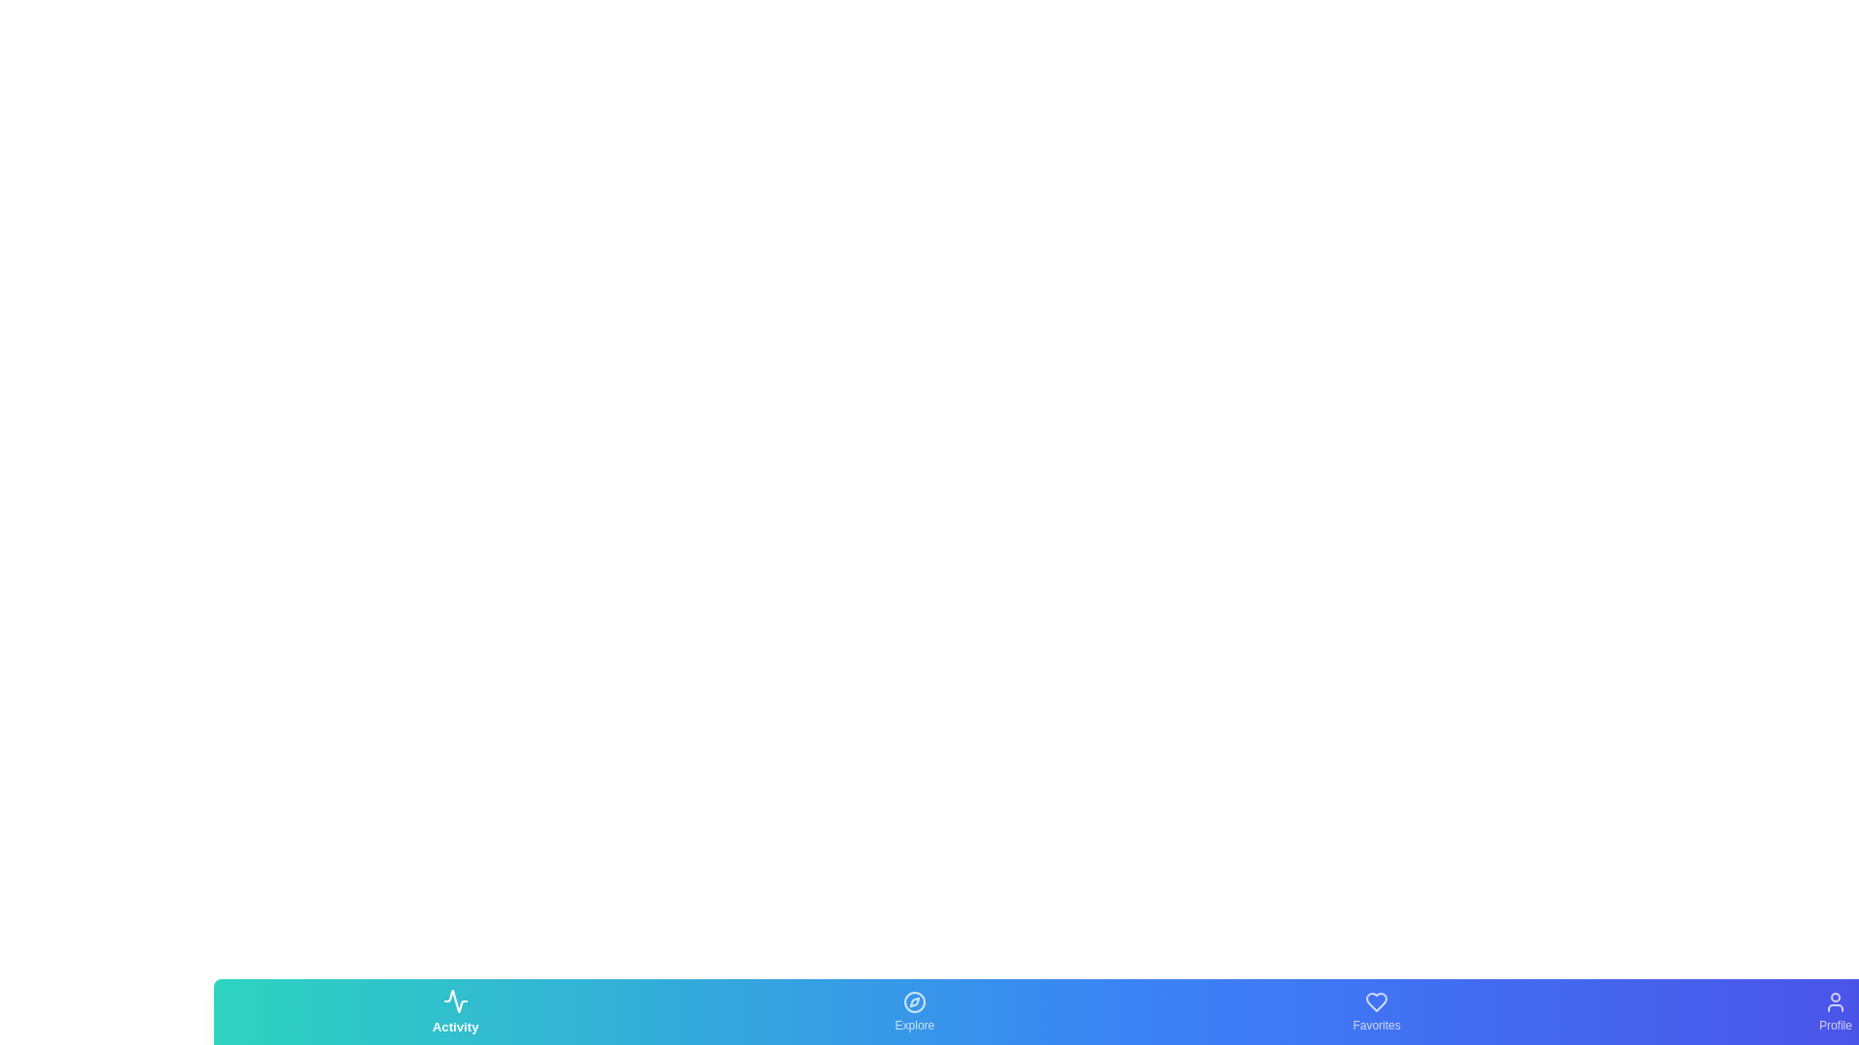  What do you see at coordinates (913, 1010) in the screenshot?
I see `the Explore tab icon` at bounding box center [913, 1010].